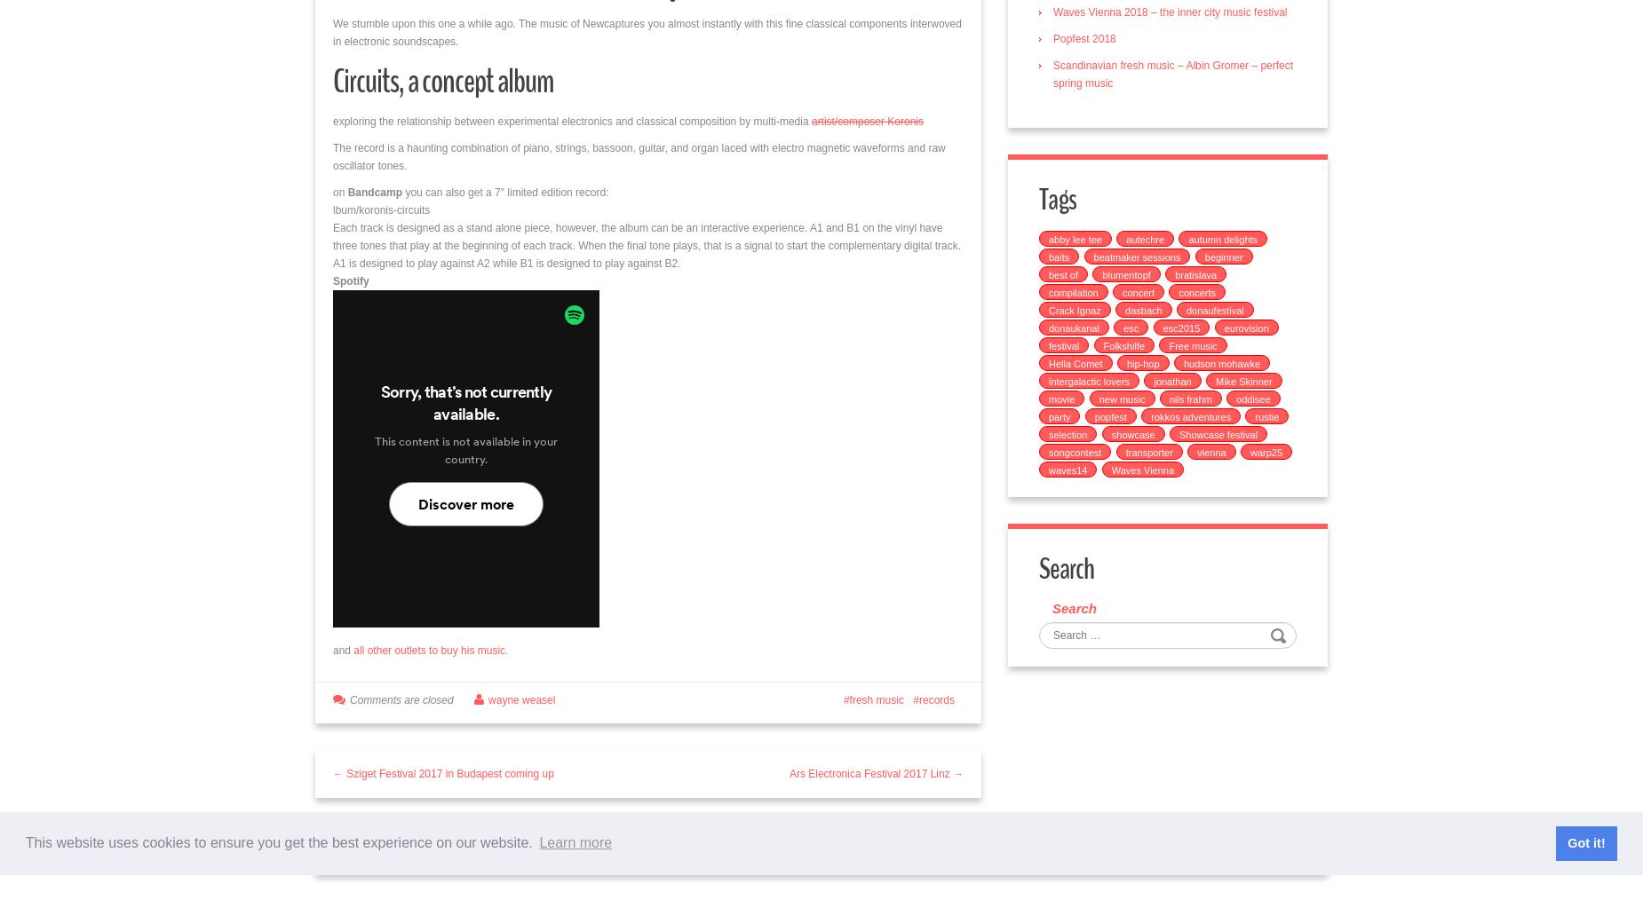  Describe the element at coordinates (1168, 344) in the screenshot. I see `'Free music'` at that location.